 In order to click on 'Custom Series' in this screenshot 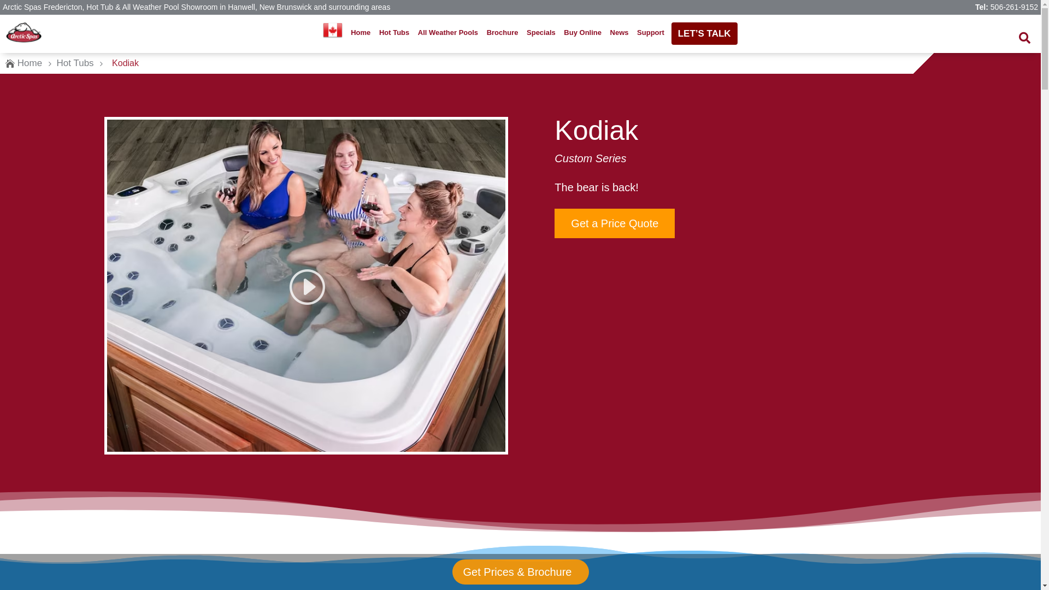, I will do `click(590, 158)`.